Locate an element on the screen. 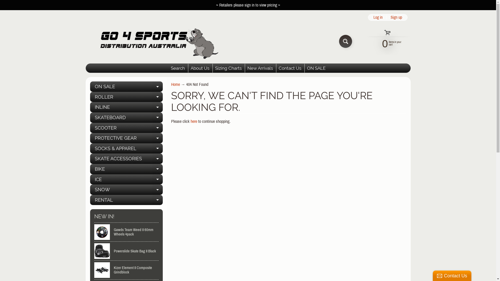 The image size is (500, 281). 'New Arrivals' is located at coordinates (245, 68).